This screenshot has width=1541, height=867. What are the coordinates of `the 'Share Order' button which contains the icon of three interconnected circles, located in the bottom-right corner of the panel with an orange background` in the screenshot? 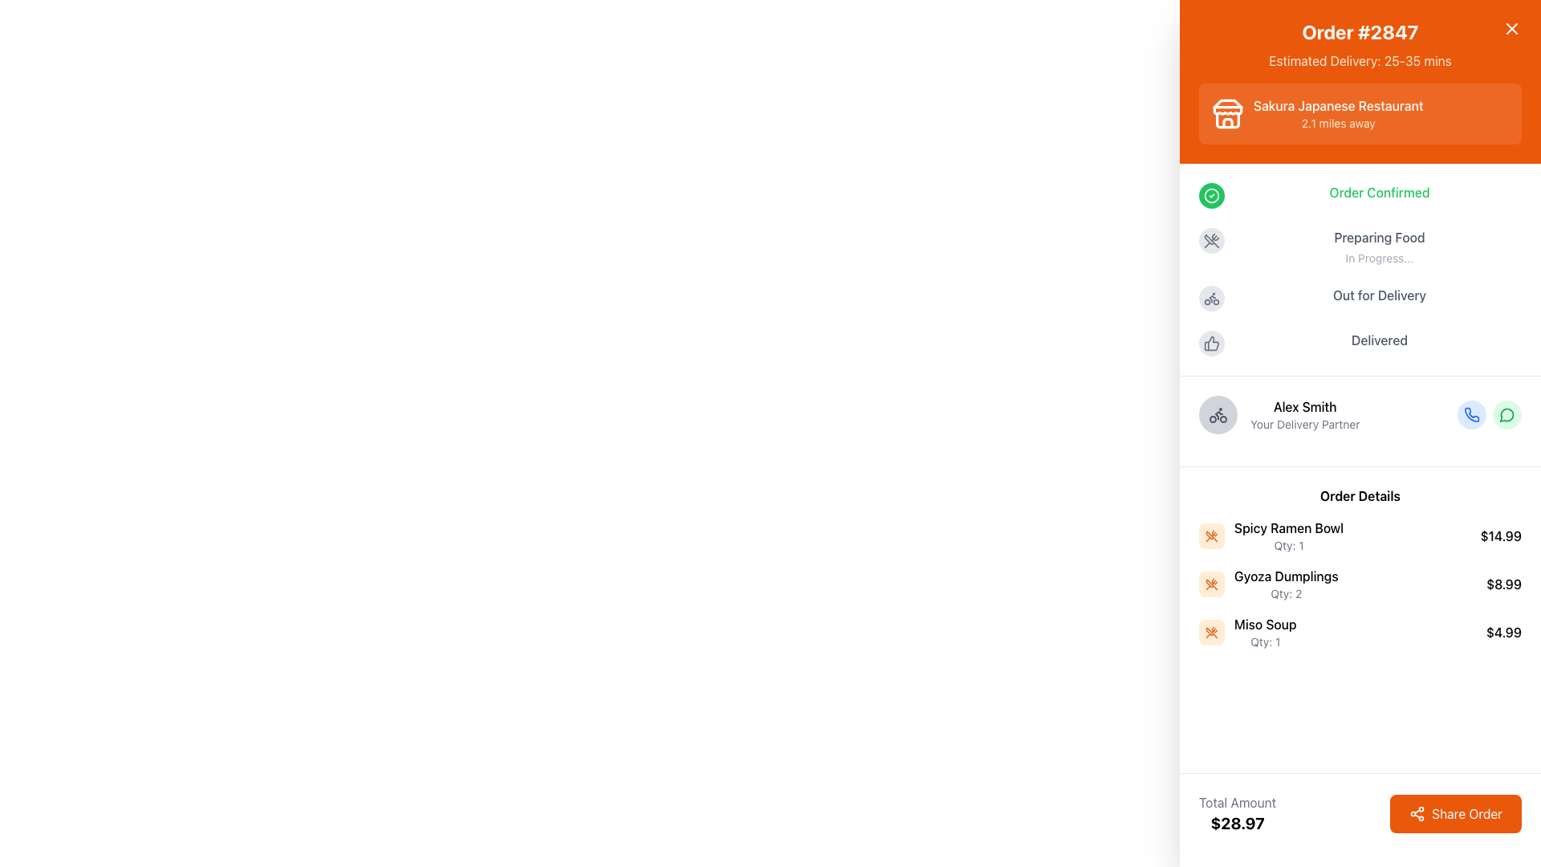 It's located at (1417, 814).